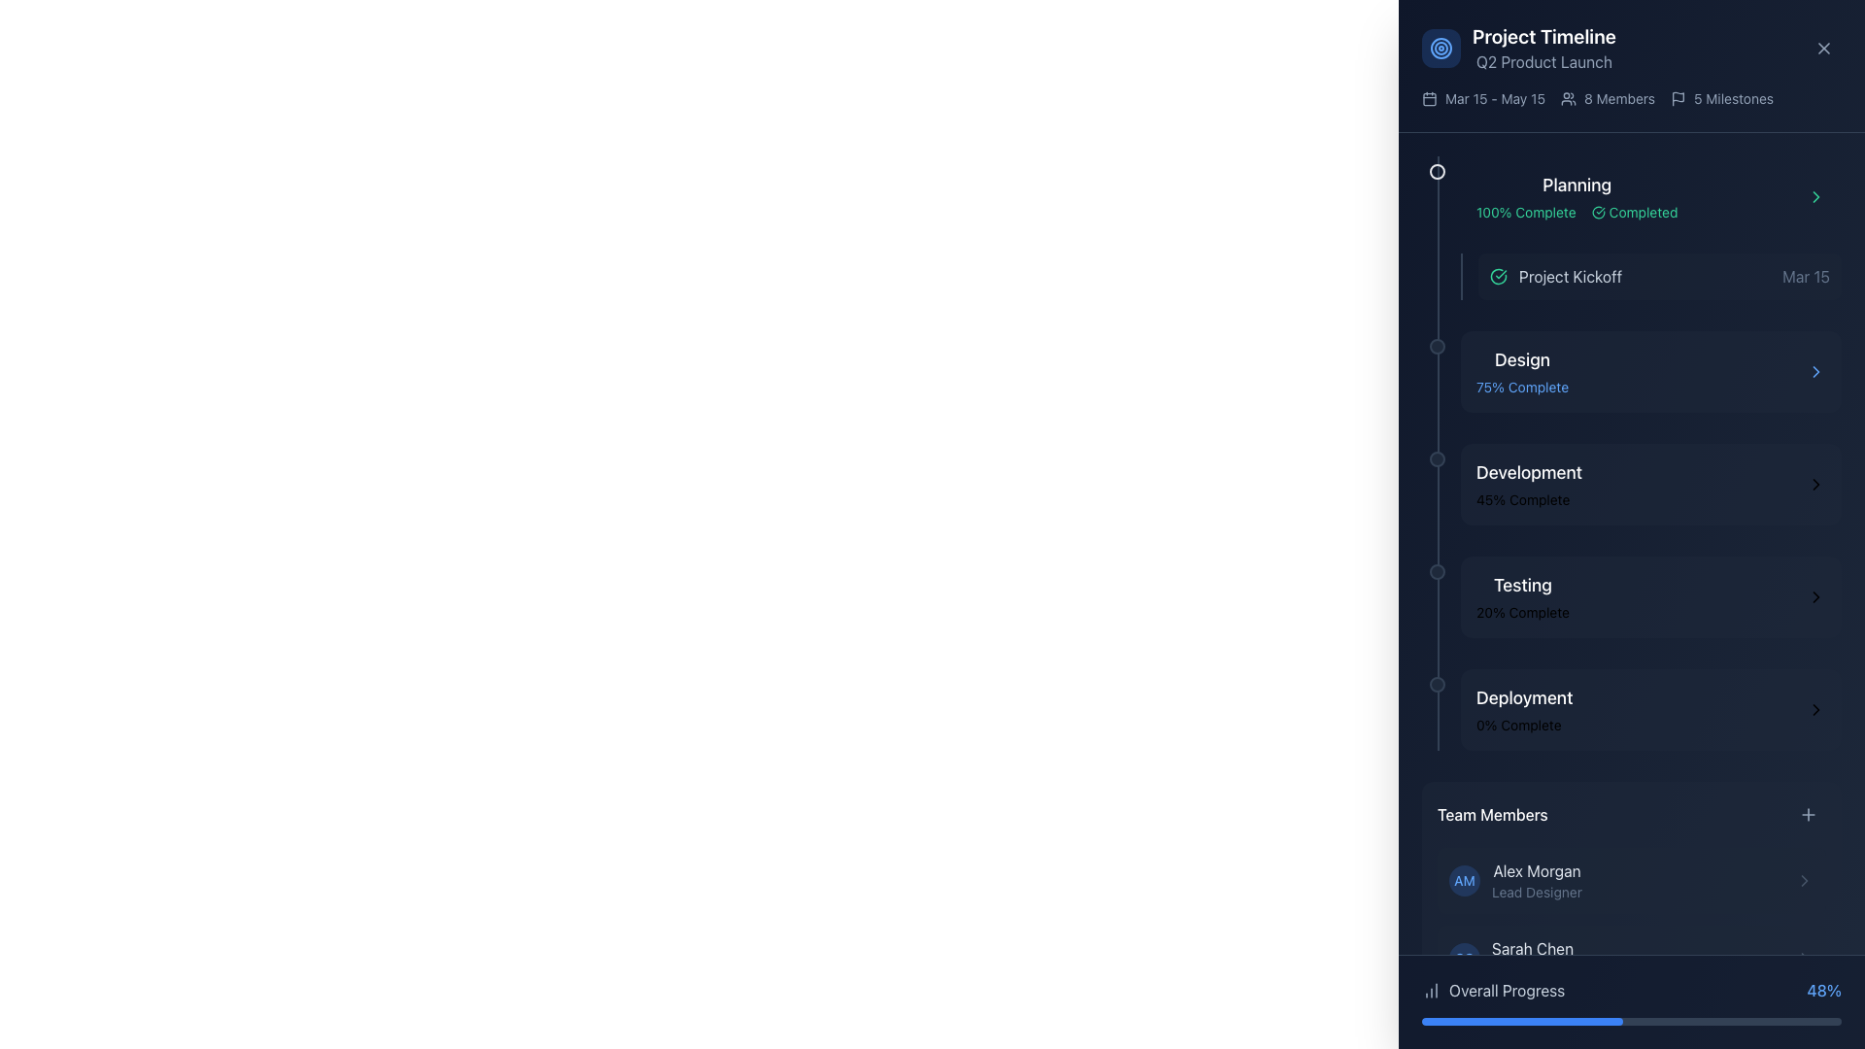 The image size is (1865, 1049). I want to click on the progress icon located to the left of the 'Overall Progress' text in the footer section of the interface, so click(1431, 990).